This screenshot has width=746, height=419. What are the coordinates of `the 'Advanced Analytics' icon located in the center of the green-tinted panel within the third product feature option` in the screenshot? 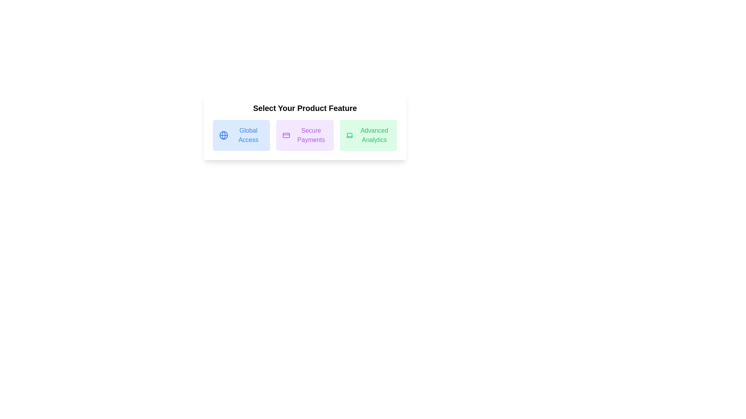 It's located at (349, 135).